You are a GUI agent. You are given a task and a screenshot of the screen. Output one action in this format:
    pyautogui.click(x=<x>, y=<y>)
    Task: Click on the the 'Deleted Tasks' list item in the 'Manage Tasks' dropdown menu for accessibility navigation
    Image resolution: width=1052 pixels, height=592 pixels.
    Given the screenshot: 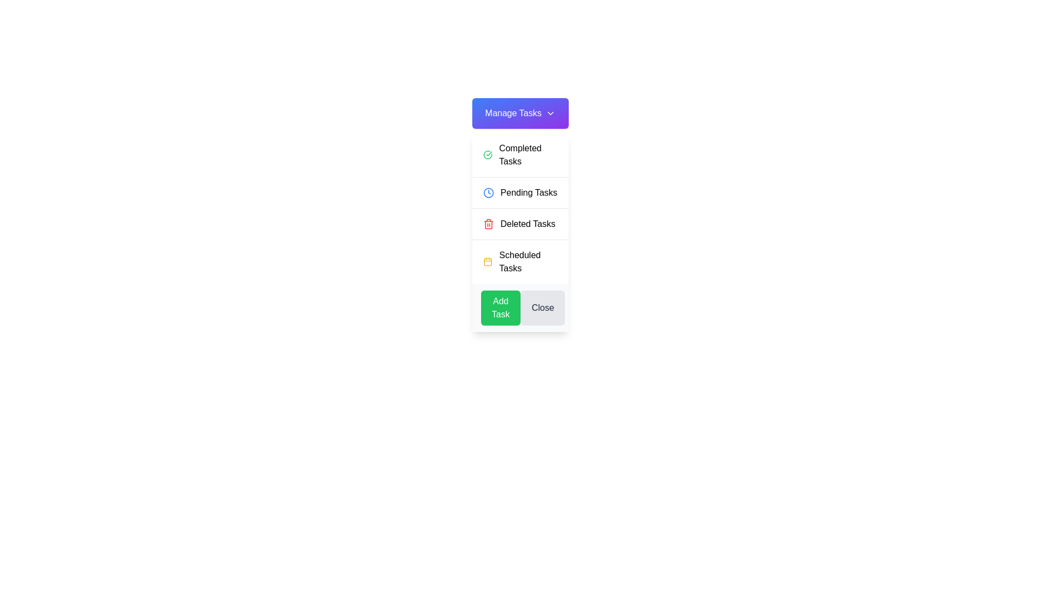 What is the action you would take?
    pyautogui.click(x=520, y=223)
    